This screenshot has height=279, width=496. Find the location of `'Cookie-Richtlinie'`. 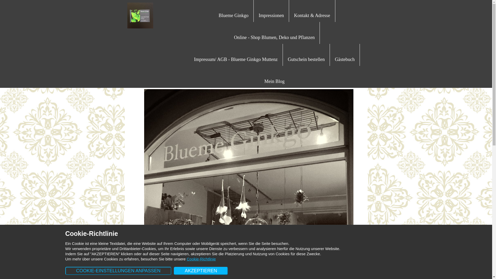

'Cookie-Richtlinie' is located at coordinates (201, 259).